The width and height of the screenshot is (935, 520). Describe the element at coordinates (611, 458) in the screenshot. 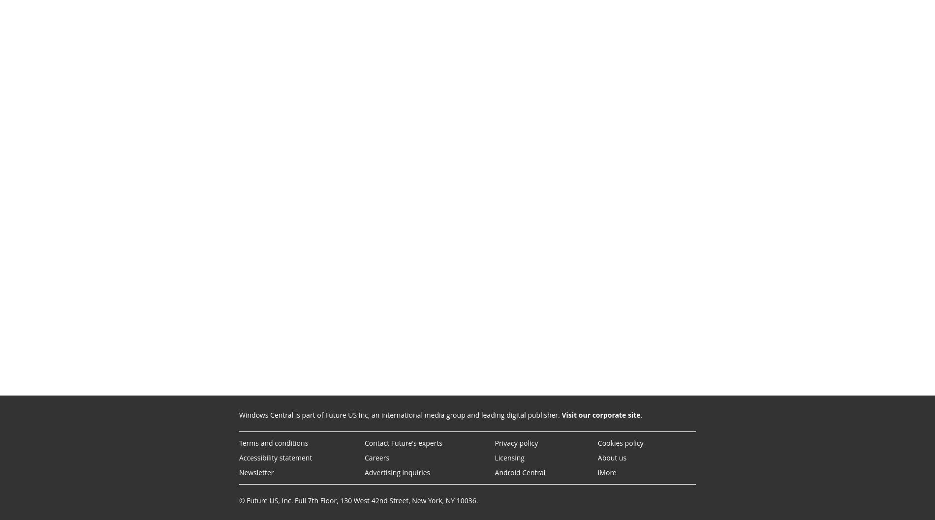

I see `'About us'` at that location.